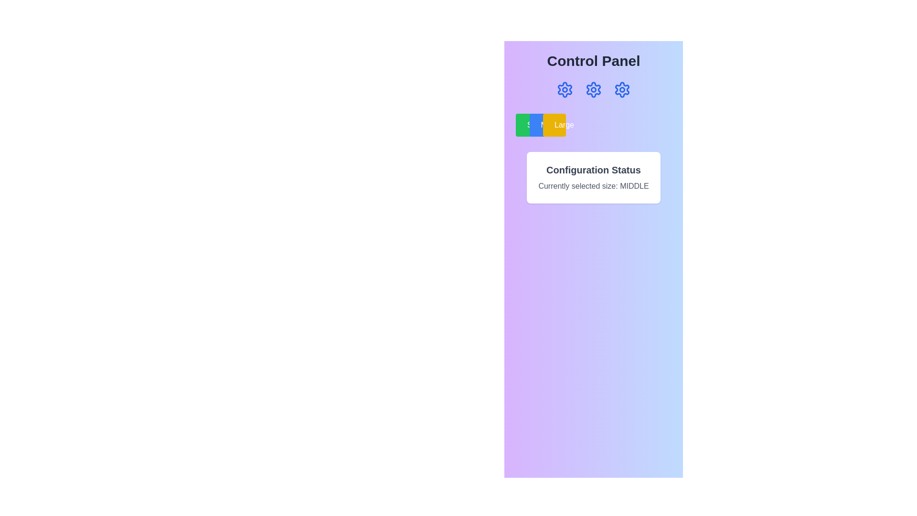 The image size is (917, 516). Describe the element at coordinates (593, 177) in the screenshot. I see `the informational card that indicates the current configuration state and size option selected, which is located below the buttons labeled 'Small', 'Middle', and 'Large' in the 'Control Panel'` at that location.